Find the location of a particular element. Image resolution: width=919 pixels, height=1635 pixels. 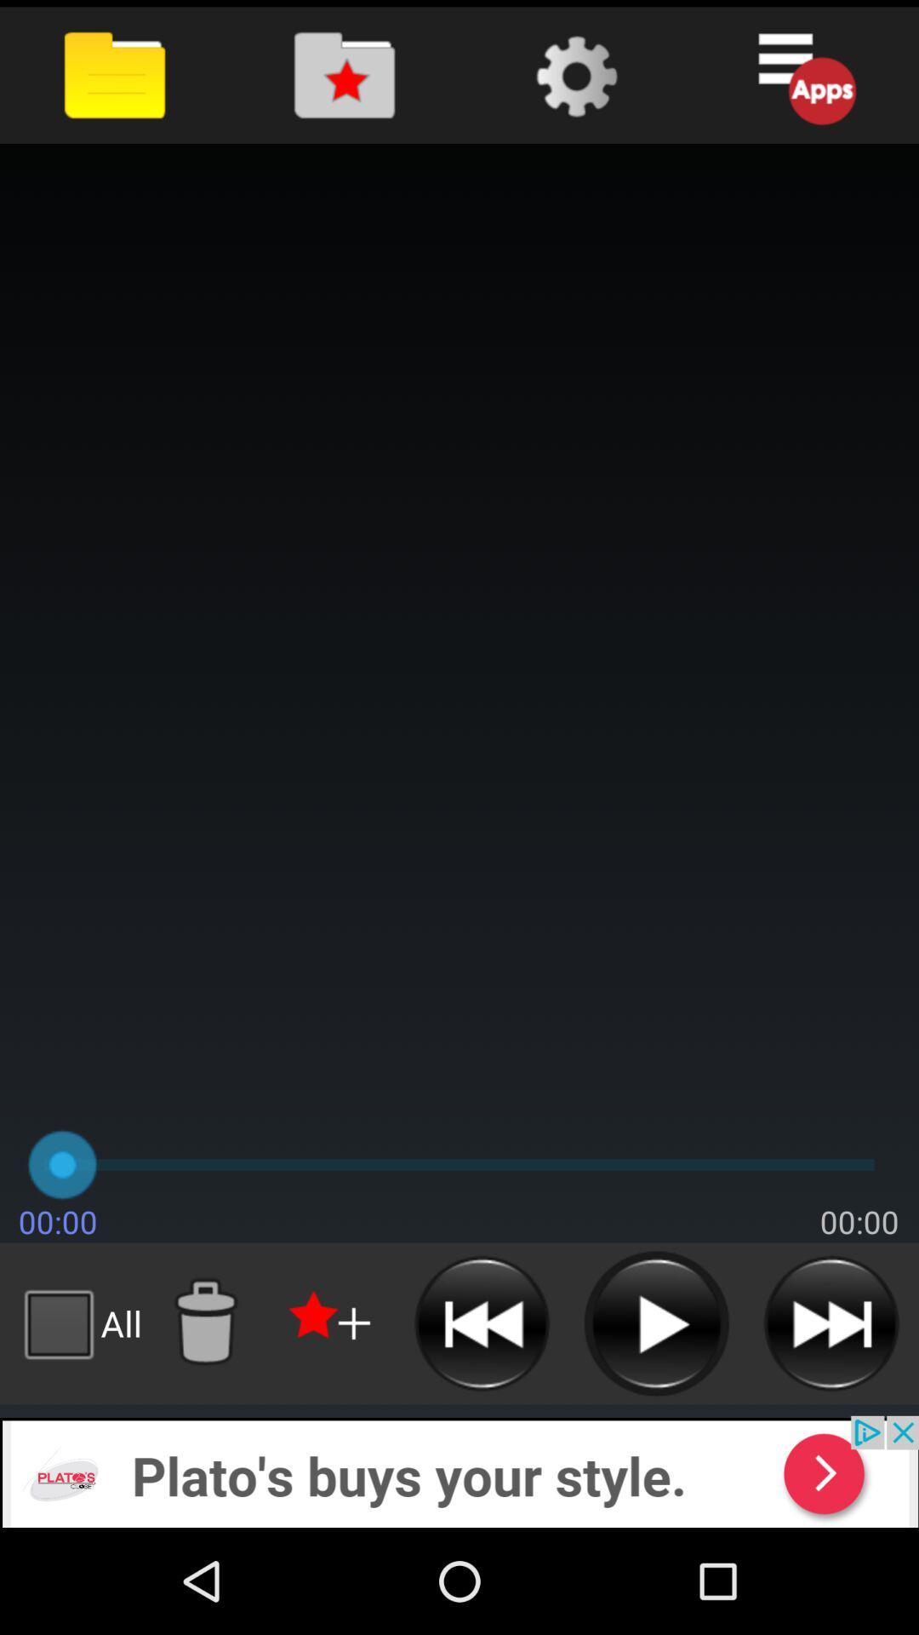

the delete icon is located at coordinates (204, 1416).